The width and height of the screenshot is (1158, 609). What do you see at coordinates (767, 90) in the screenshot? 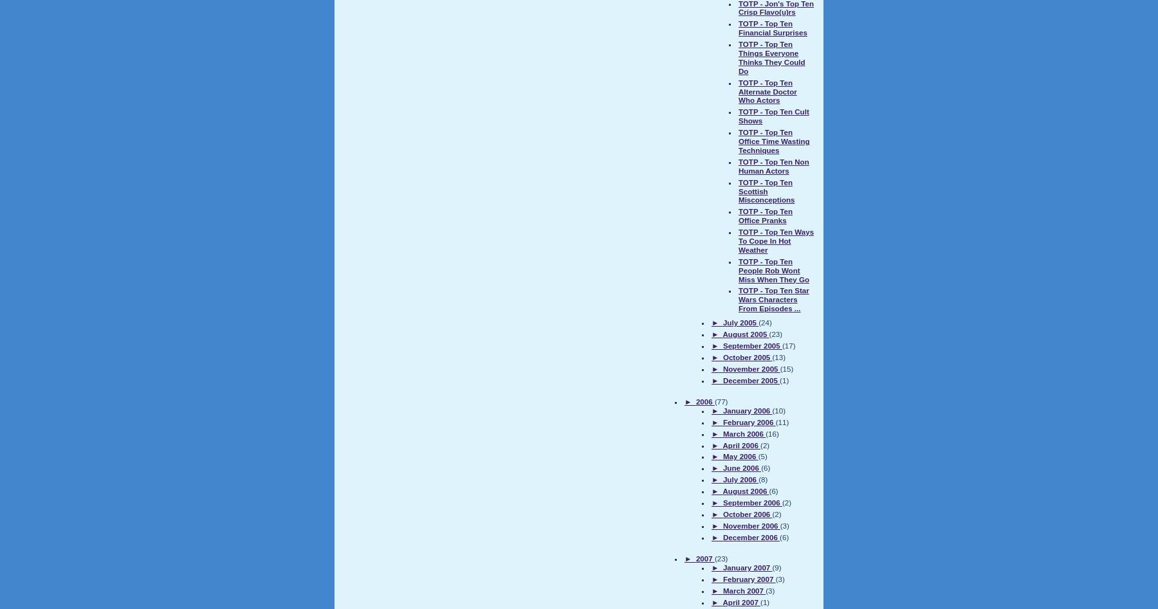
I see `'TOTP - Top Ten Alternate Doctor Who Actors'` at bounding box center [767, 90].